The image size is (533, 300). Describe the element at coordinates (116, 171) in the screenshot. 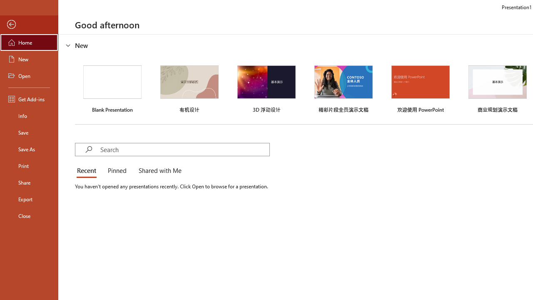

I see `'Pinned'` at that location.